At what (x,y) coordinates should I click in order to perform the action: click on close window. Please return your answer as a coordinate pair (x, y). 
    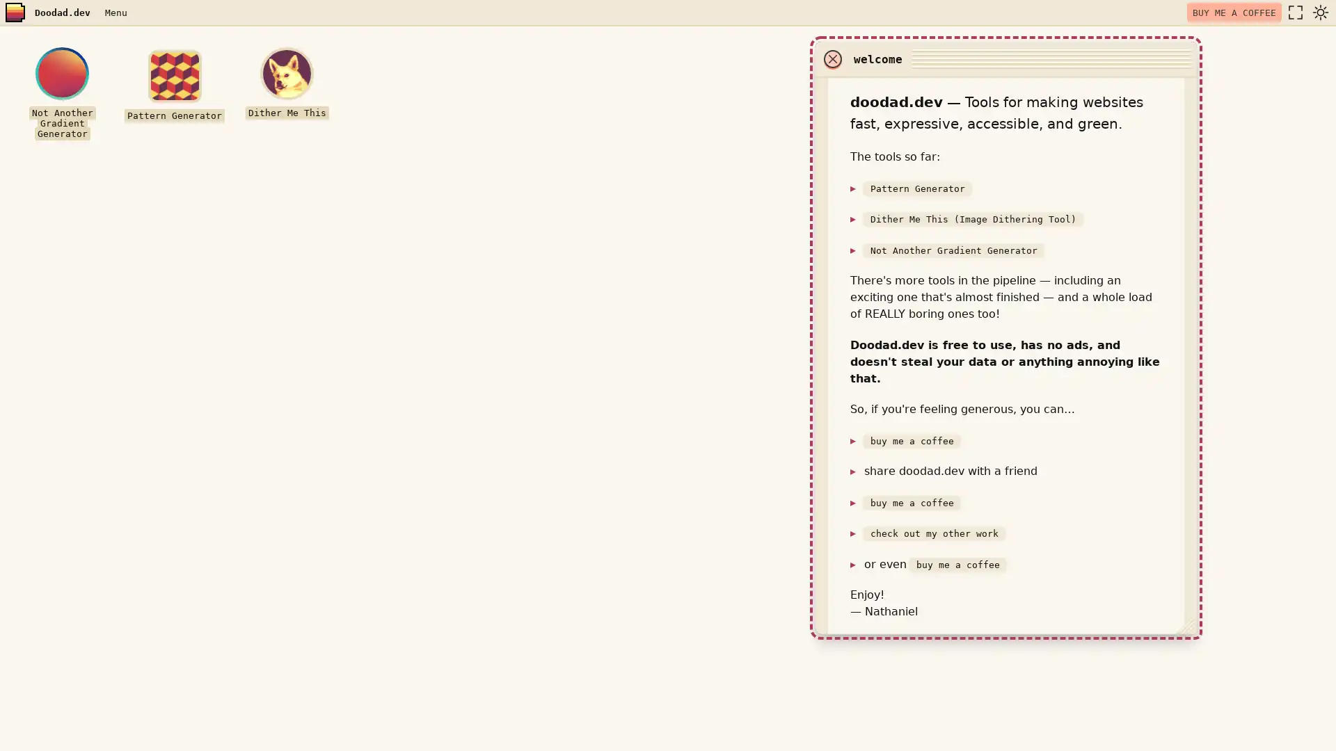
    Looking at the image, I should click on (857, 58).